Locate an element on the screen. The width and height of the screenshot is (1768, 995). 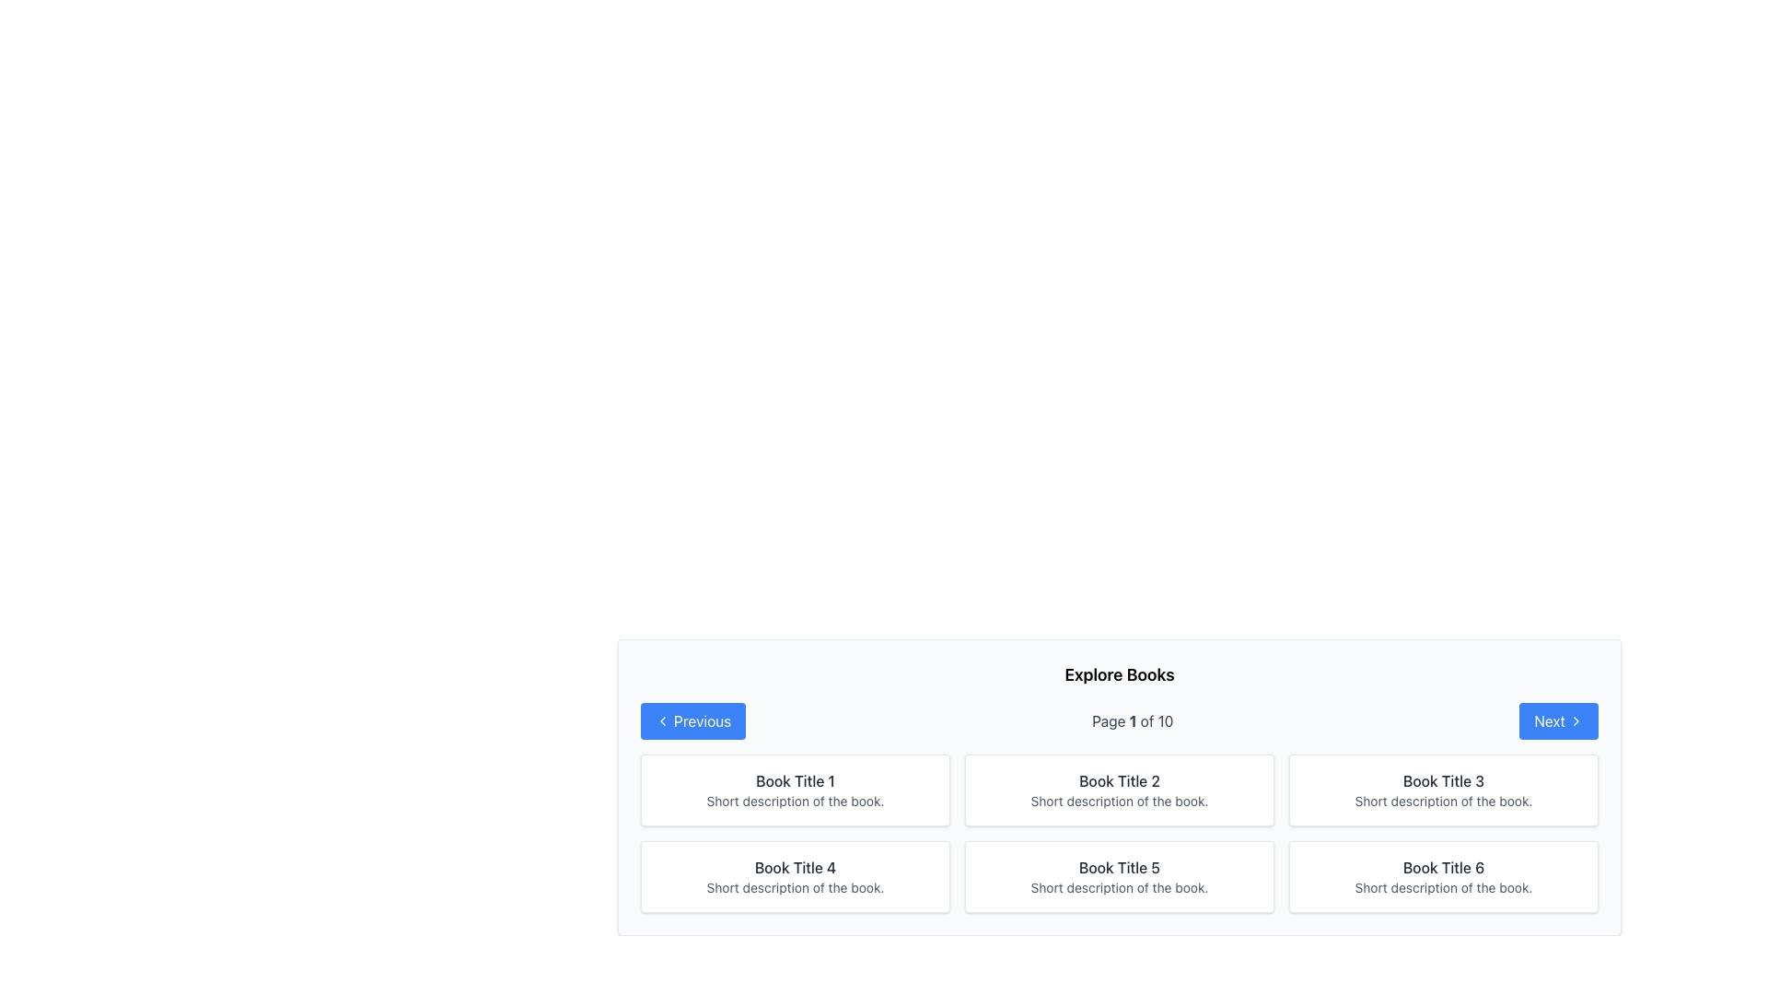
text displayed on the informational card about the book located at the bottom right corner of the grid layout is located at coordinates (1443, 876).